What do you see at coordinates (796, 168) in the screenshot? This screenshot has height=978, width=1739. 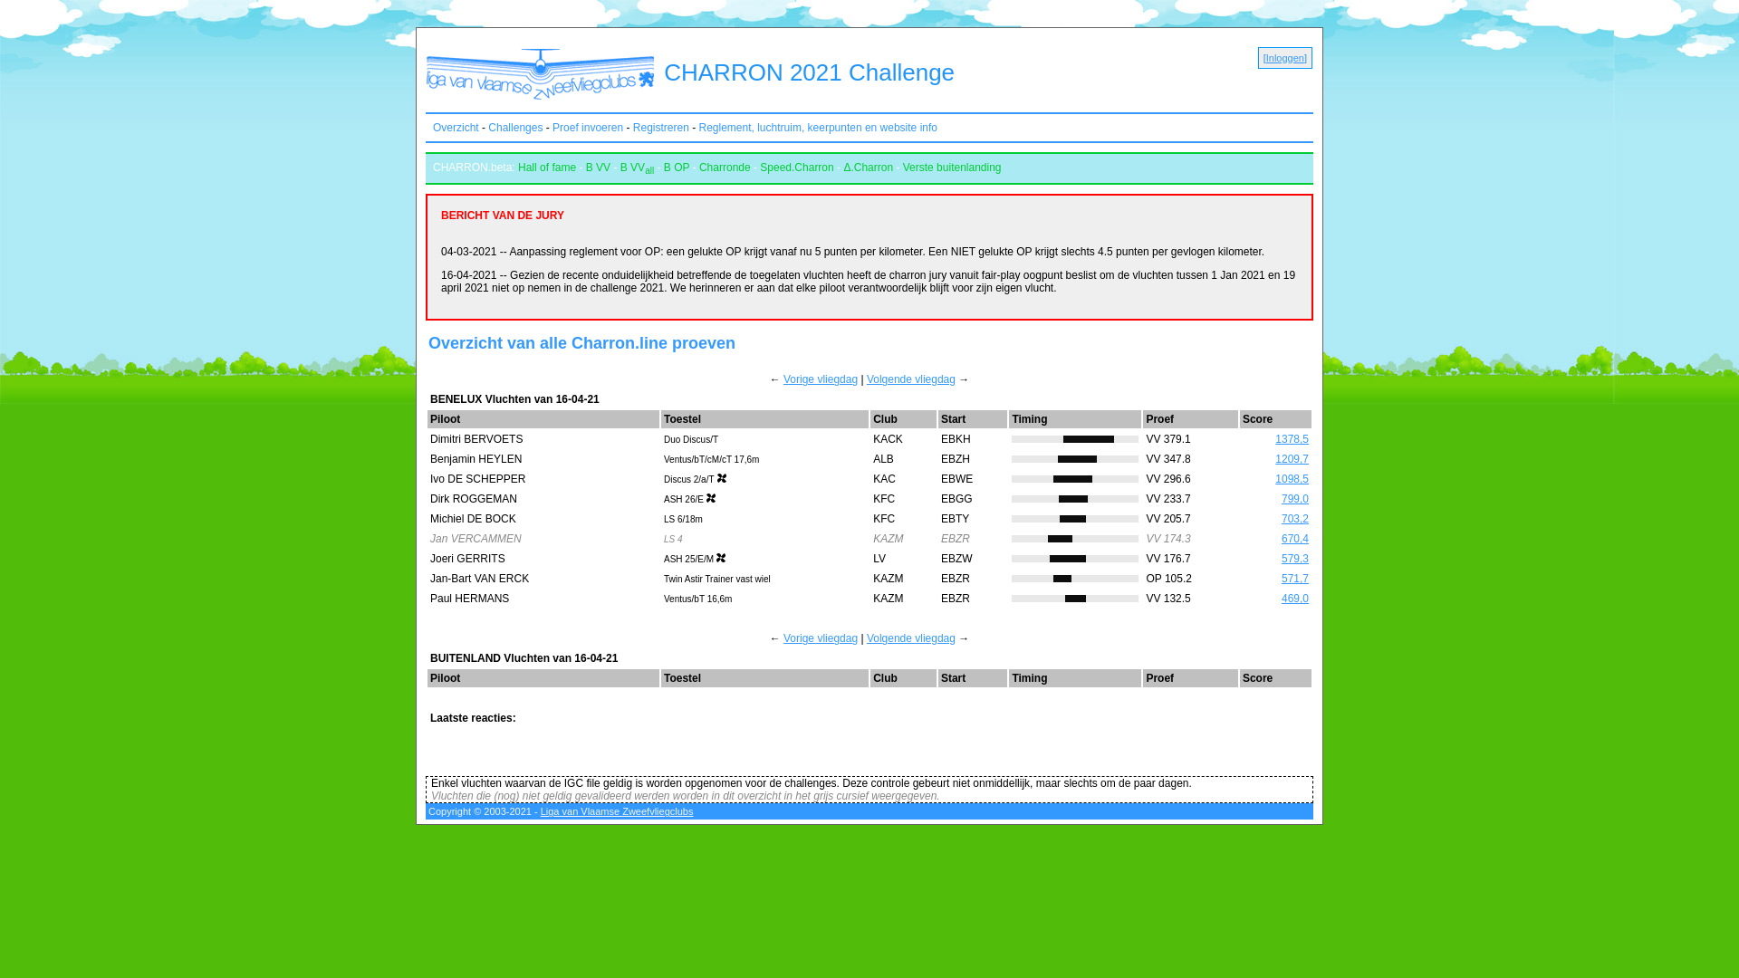 I see `'Speed.Charron'` at bounding box center [796, 168].